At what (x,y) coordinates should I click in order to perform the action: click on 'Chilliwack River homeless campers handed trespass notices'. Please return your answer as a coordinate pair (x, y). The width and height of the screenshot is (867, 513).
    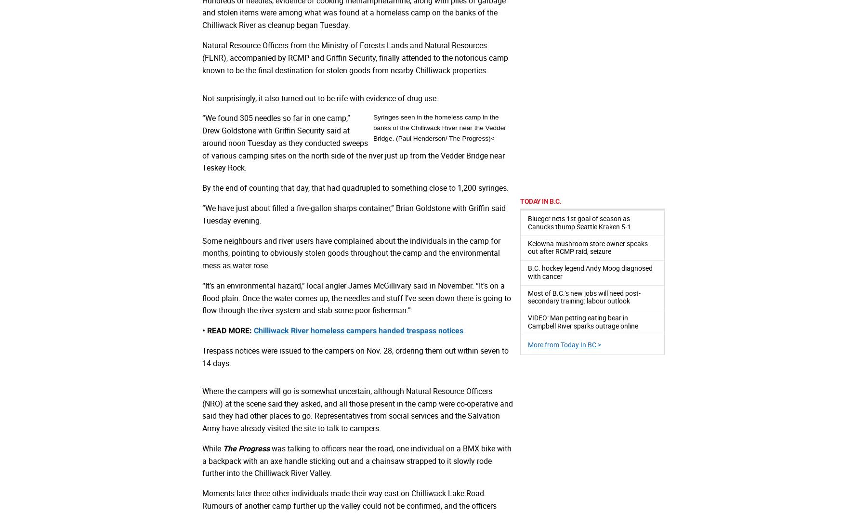
    Looking at the image, I should click on (358, 330).